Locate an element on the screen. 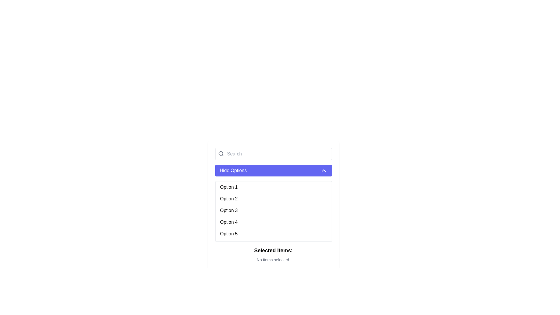  the third list item labeled 'Option 3' is located at coordinates (273, 210).